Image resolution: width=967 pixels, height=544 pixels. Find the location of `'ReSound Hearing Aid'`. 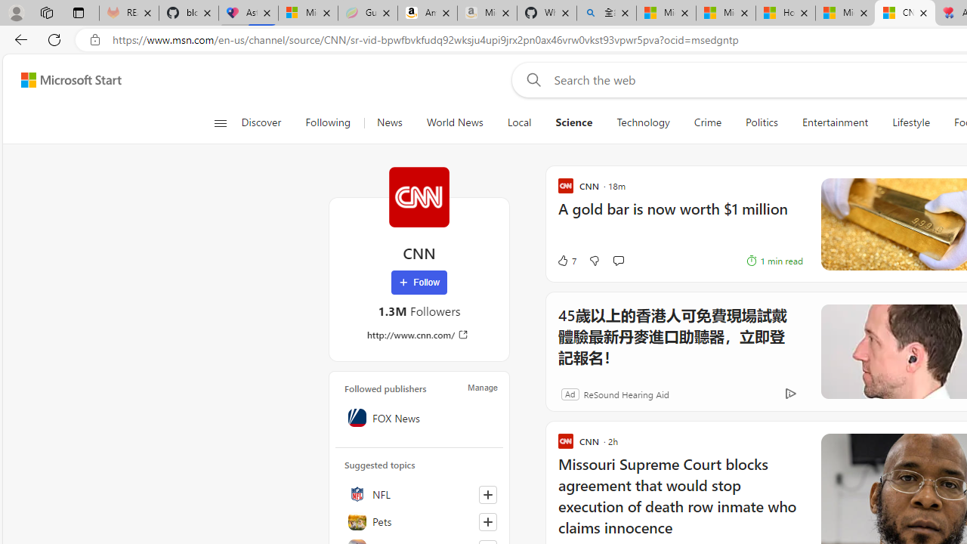

'ReSound Hearing Aid' is located at coordinates (626, 393).